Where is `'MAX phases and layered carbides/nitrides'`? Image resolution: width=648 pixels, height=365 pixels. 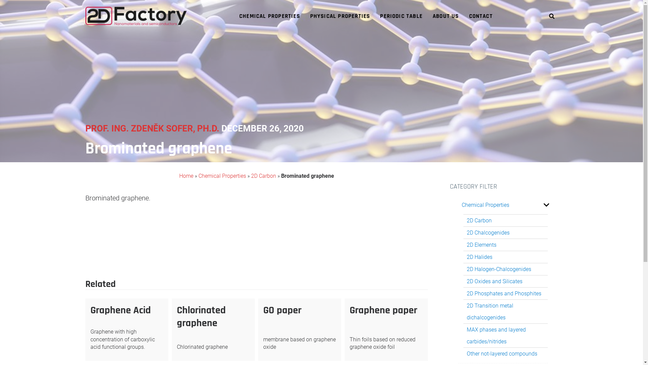
'MAX phases and layered carbides/nitrides' is located at coordinates (466, 335).